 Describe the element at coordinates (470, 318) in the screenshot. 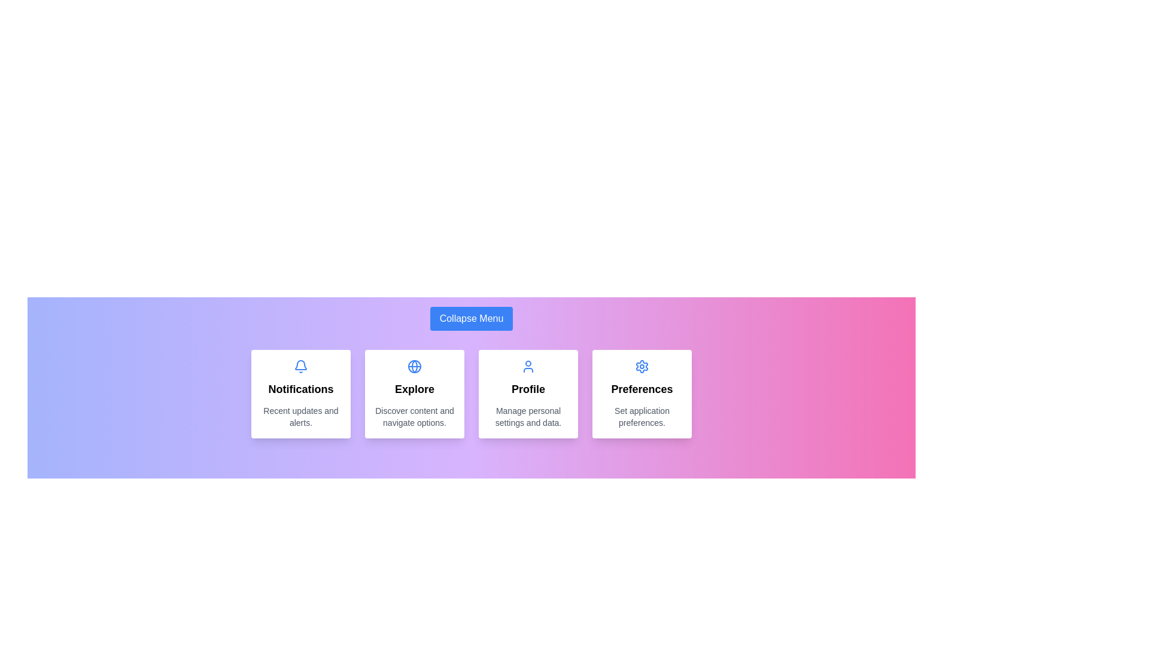

I see `the 'Collapse Menu' button to trigger its hover effect` at that location.